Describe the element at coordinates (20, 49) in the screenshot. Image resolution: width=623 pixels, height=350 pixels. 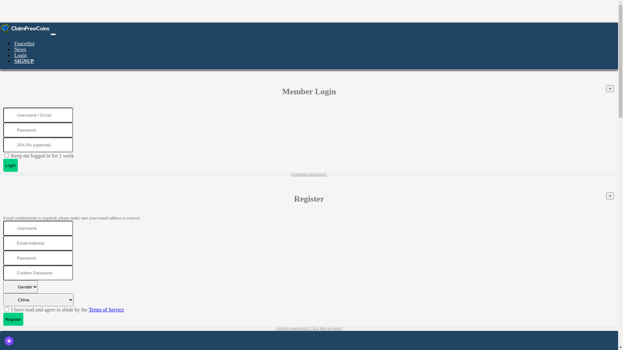
I see `'News'` at that location.